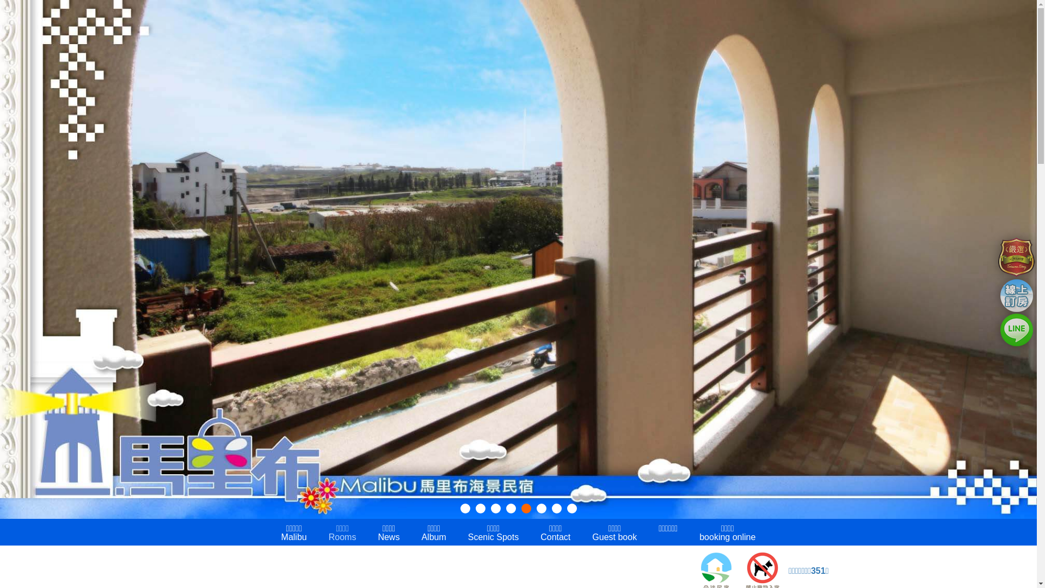 This screenshot has height=588, width=1045. What do you see at coordinates (480, 508) in the screenshot?
I see `'2'` at bounding box center [480, 508].